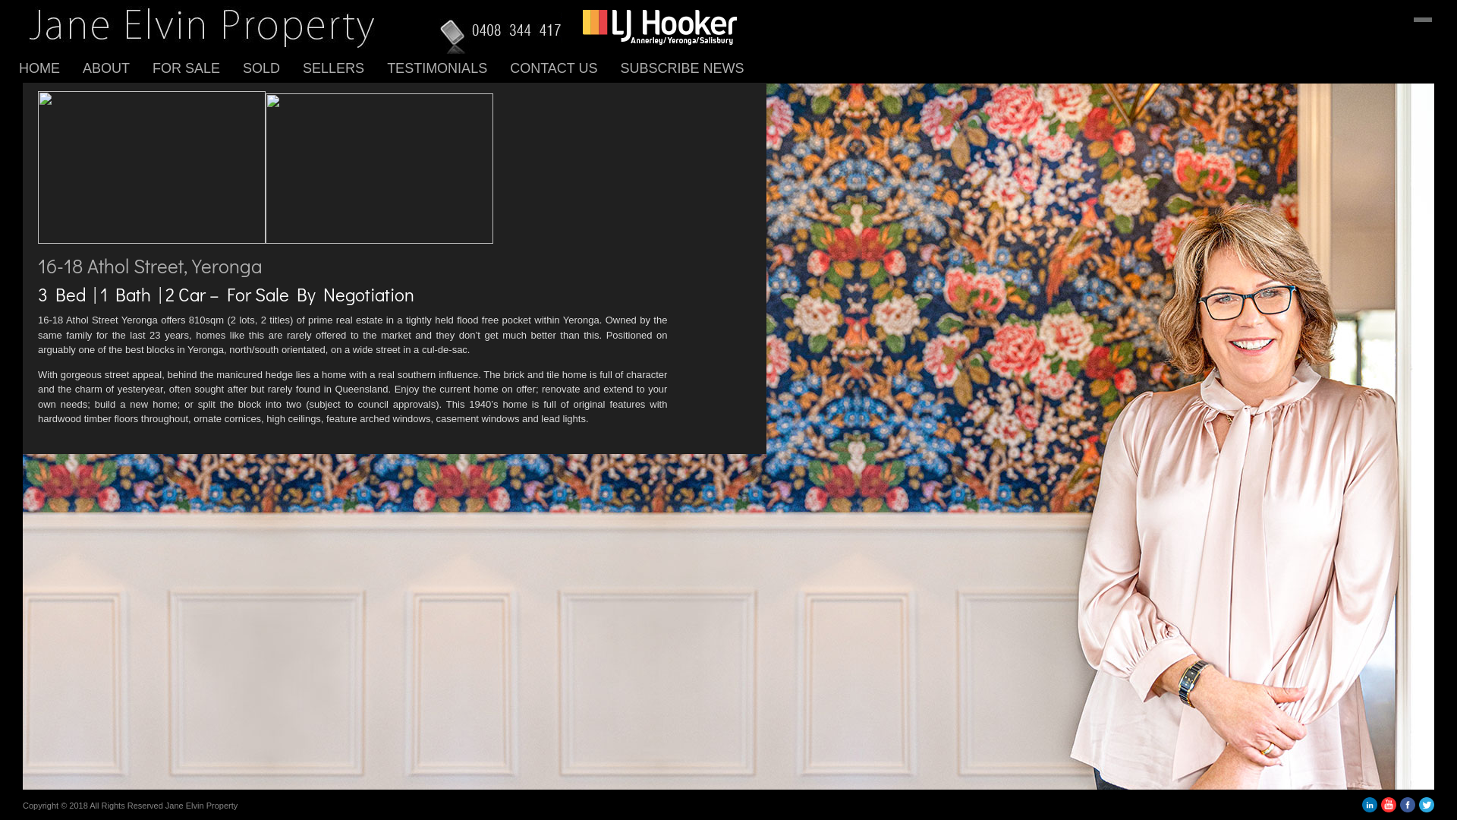 The height and width of the screenshot is (820, 1457). Describe the element at coordinates (37, 263) in the screenshot. I see `'16-18 Athol Street, Yeronga'` at that location.